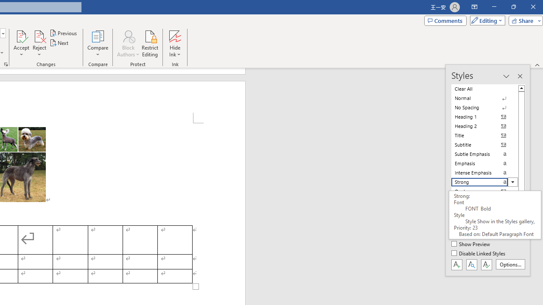 The width and height of the screenshot is (543, 305). I want to click on 'Next', so click(59, 43).